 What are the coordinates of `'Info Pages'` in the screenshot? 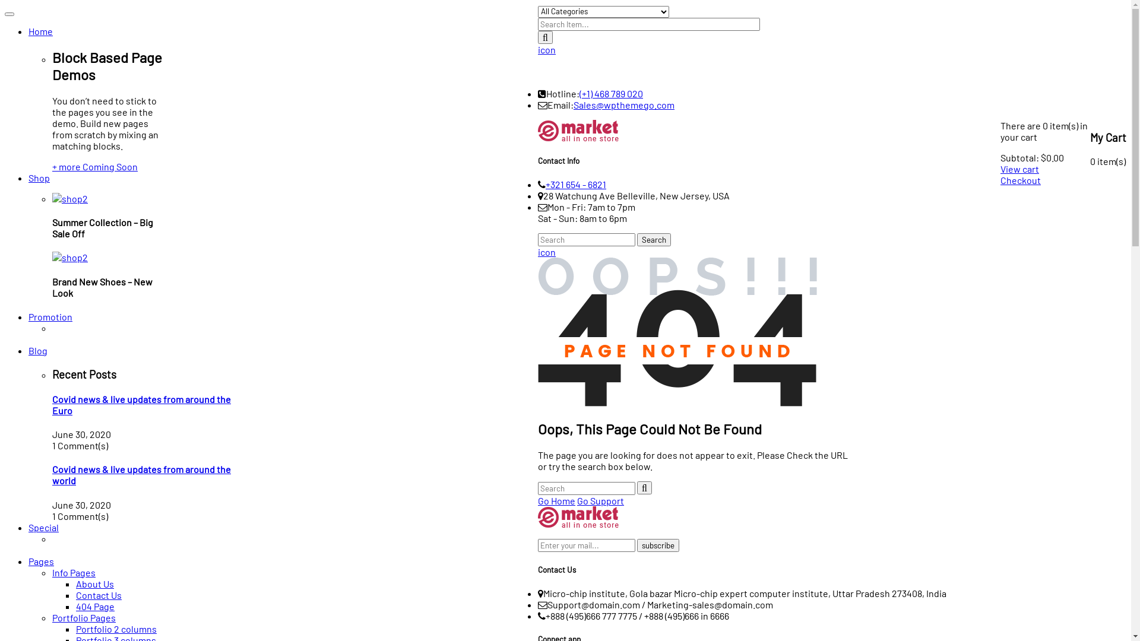 It's located at (51, 572).